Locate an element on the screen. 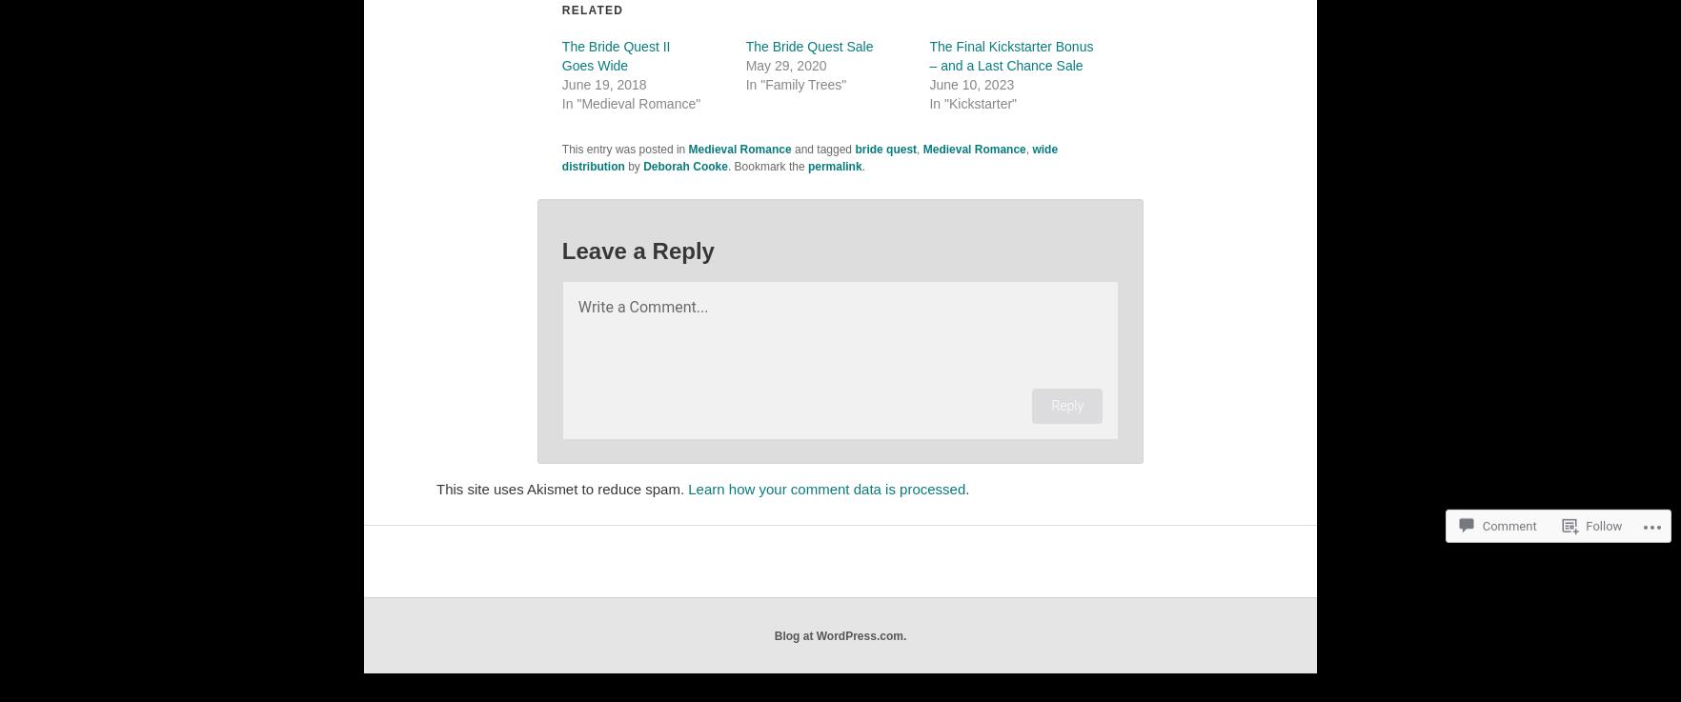 This screenshot has height=702, width=1681. 'This site uses Akismet to reduce spam.' is located at coordinates (562, 488).